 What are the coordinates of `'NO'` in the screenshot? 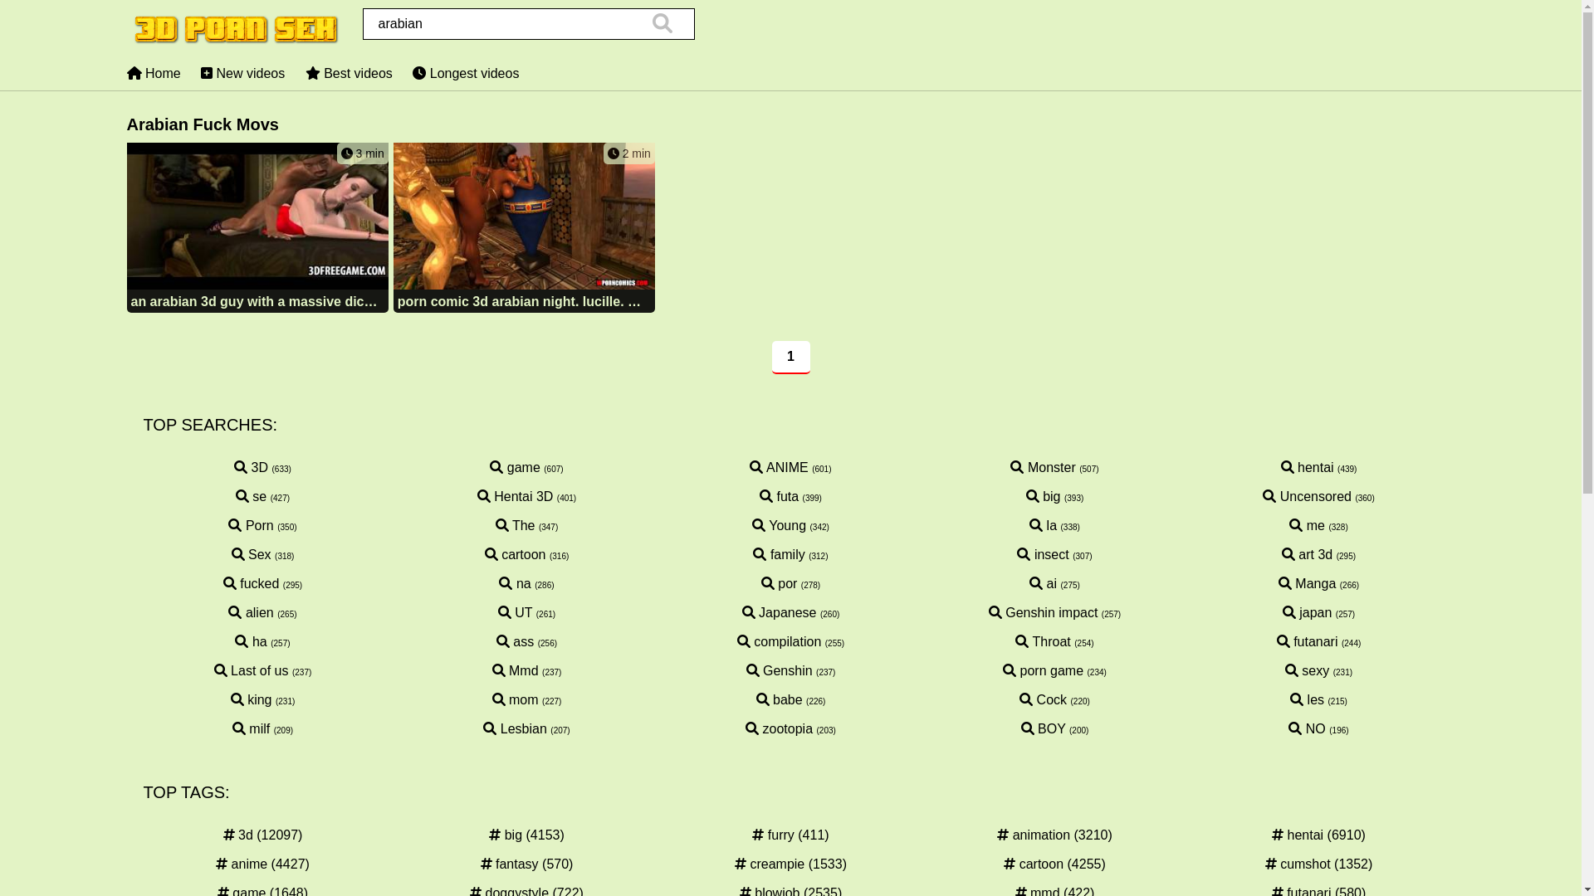 It's located at (1306, 728).